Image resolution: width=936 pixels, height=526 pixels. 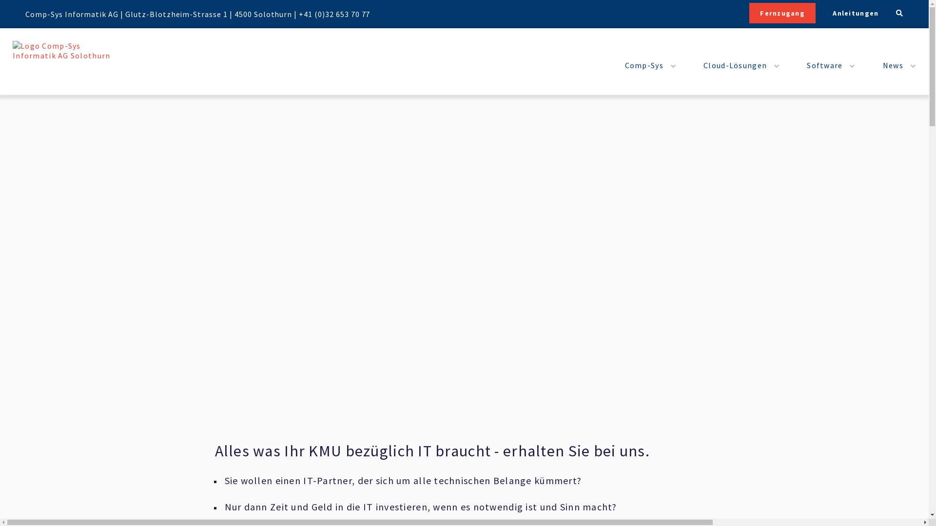 I want to click on 'Anleitungen', so click(x=849, y=13).